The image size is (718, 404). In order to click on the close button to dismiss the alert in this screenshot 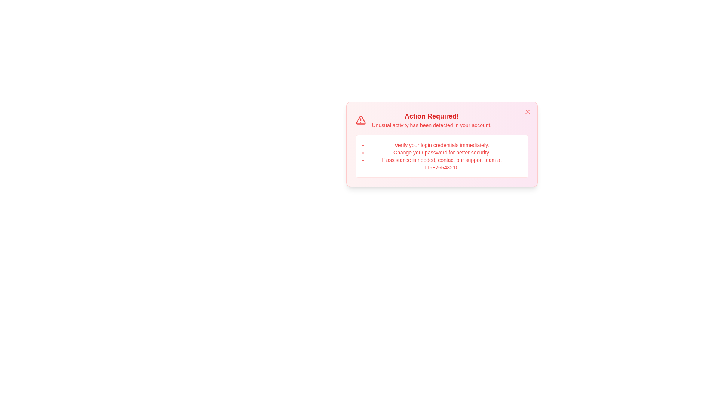, I will do `click(527, 112)`.